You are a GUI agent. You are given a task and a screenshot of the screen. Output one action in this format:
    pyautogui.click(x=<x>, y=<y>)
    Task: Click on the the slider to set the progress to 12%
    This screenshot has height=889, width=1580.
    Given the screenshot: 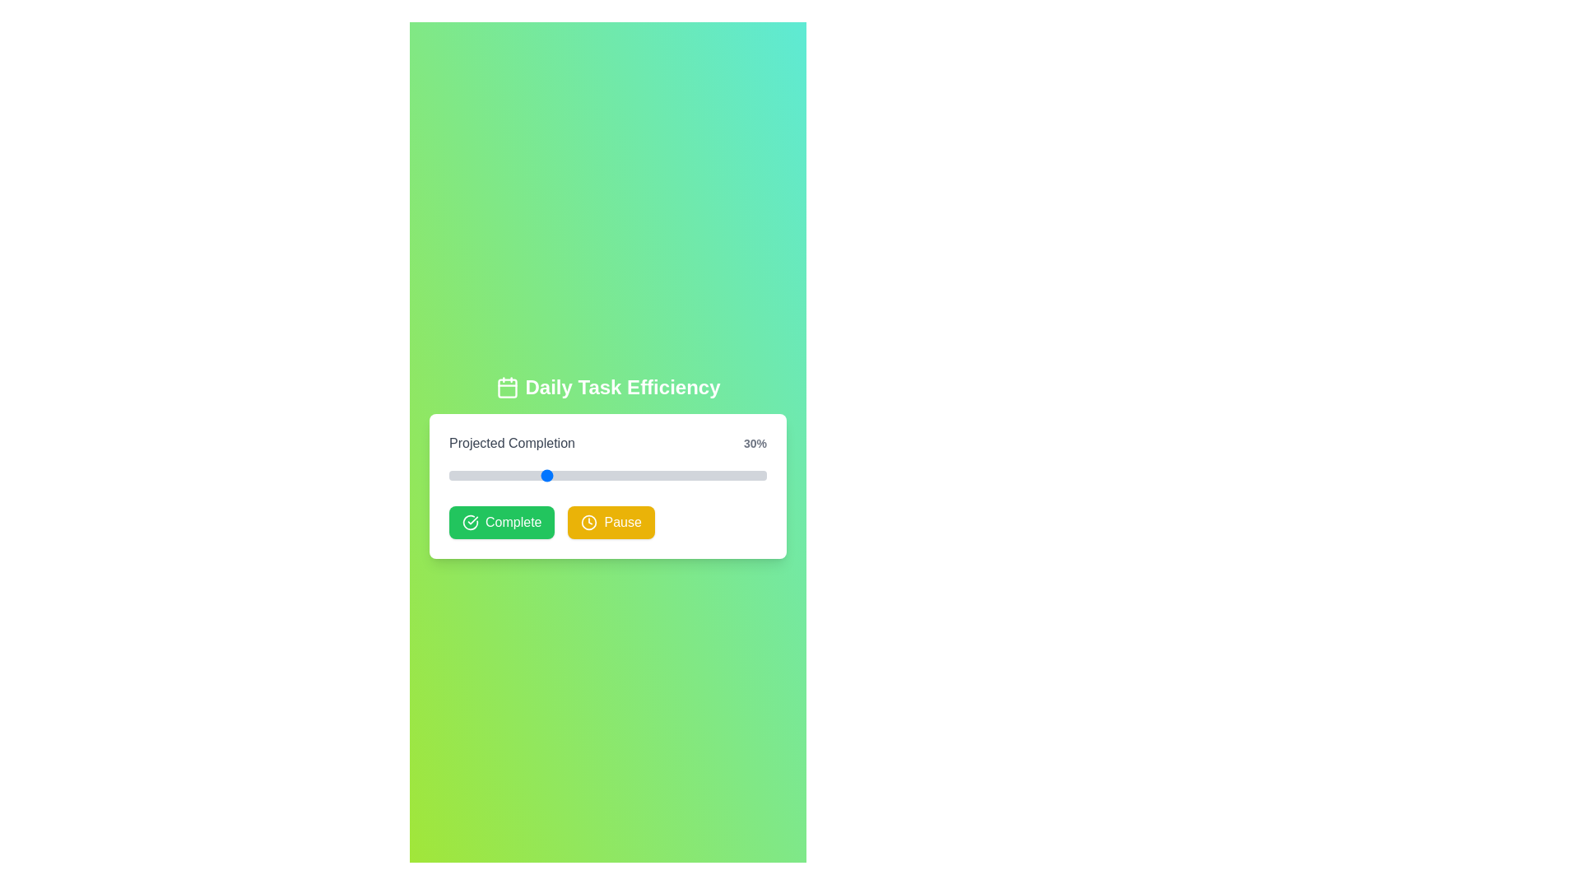 What is the action you would take?
    pyautogui.click(x=486, y=476)
    